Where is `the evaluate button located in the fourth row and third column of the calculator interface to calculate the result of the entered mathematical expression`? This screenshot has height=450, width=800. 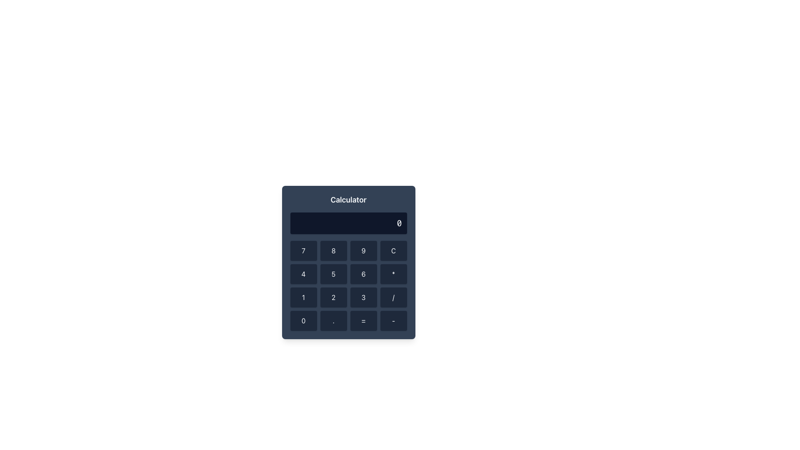 the evaluate button located in the fourth row and third column of the calculator interface to calculate the result of the entered mathematical expression is located at coordinates (363, 320).